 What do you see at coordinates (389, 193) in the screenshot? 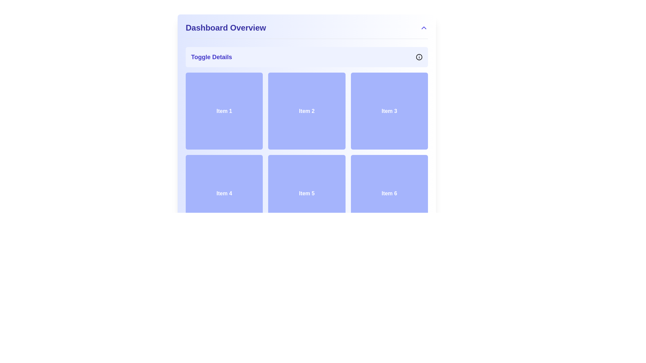
I see `the visual item box located in the bottom-right corner of the 3-column grid within the 'Dashboard Overview'` at bounding box center [389, 193].